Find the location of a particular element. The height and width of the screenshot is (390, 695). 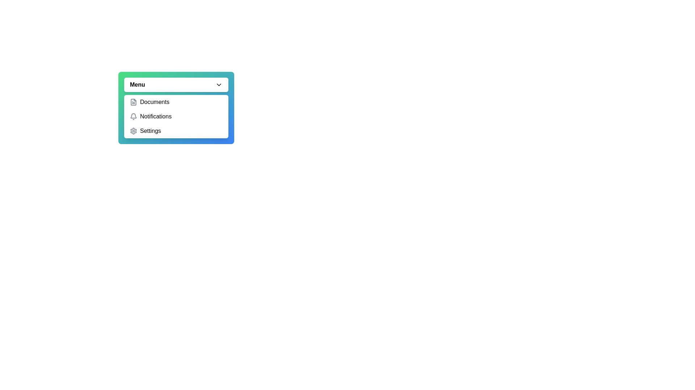

the settings icon located to the left of the 'Settings' text in the dropdown menu to possibly see a tooltip is located at coordinates (134, 131).